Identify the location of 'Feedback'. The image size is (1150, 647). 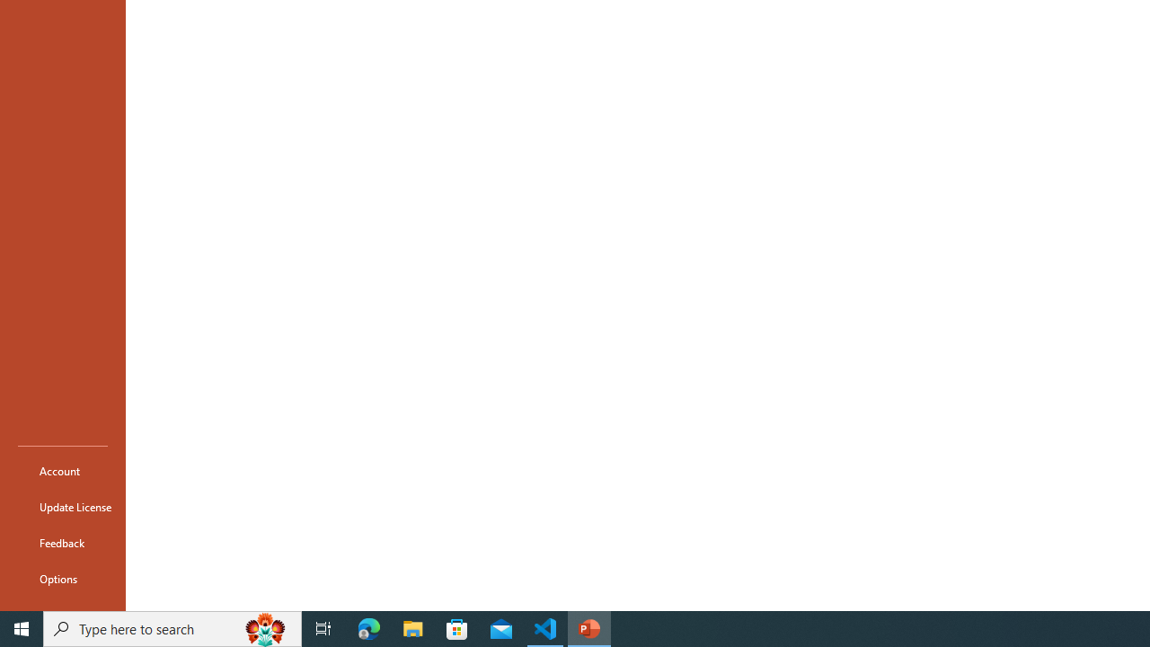
(62, 542).